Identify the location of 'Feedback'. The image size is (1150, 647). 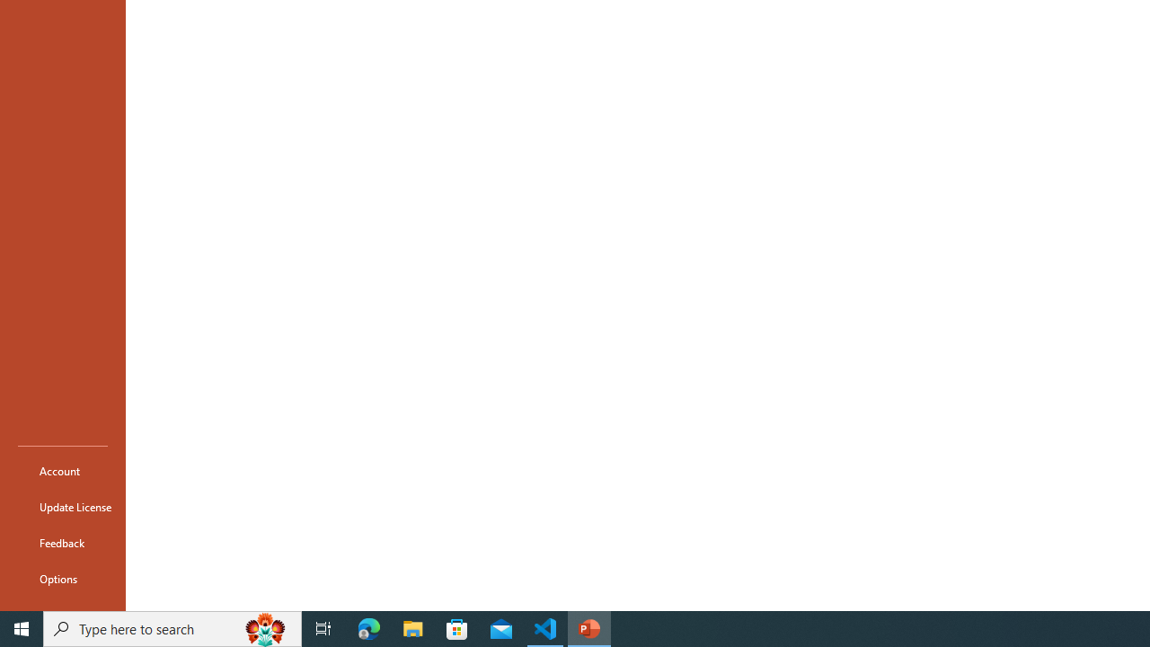
(62, 542).